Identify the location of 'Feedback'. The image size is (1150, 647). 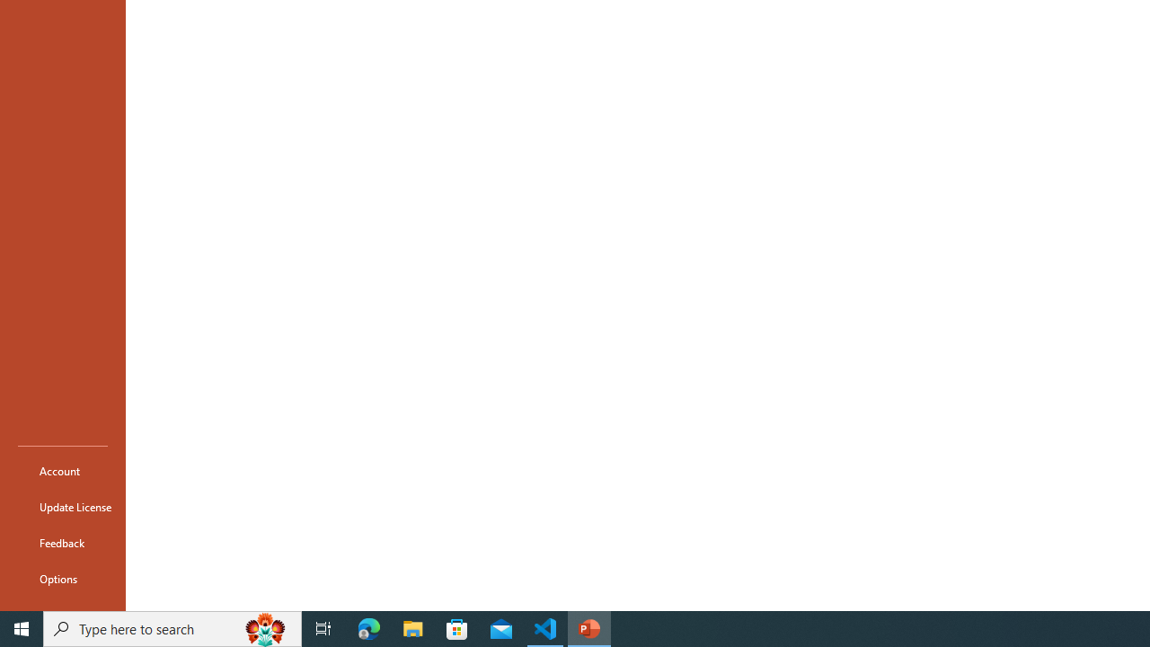
(62, 542).